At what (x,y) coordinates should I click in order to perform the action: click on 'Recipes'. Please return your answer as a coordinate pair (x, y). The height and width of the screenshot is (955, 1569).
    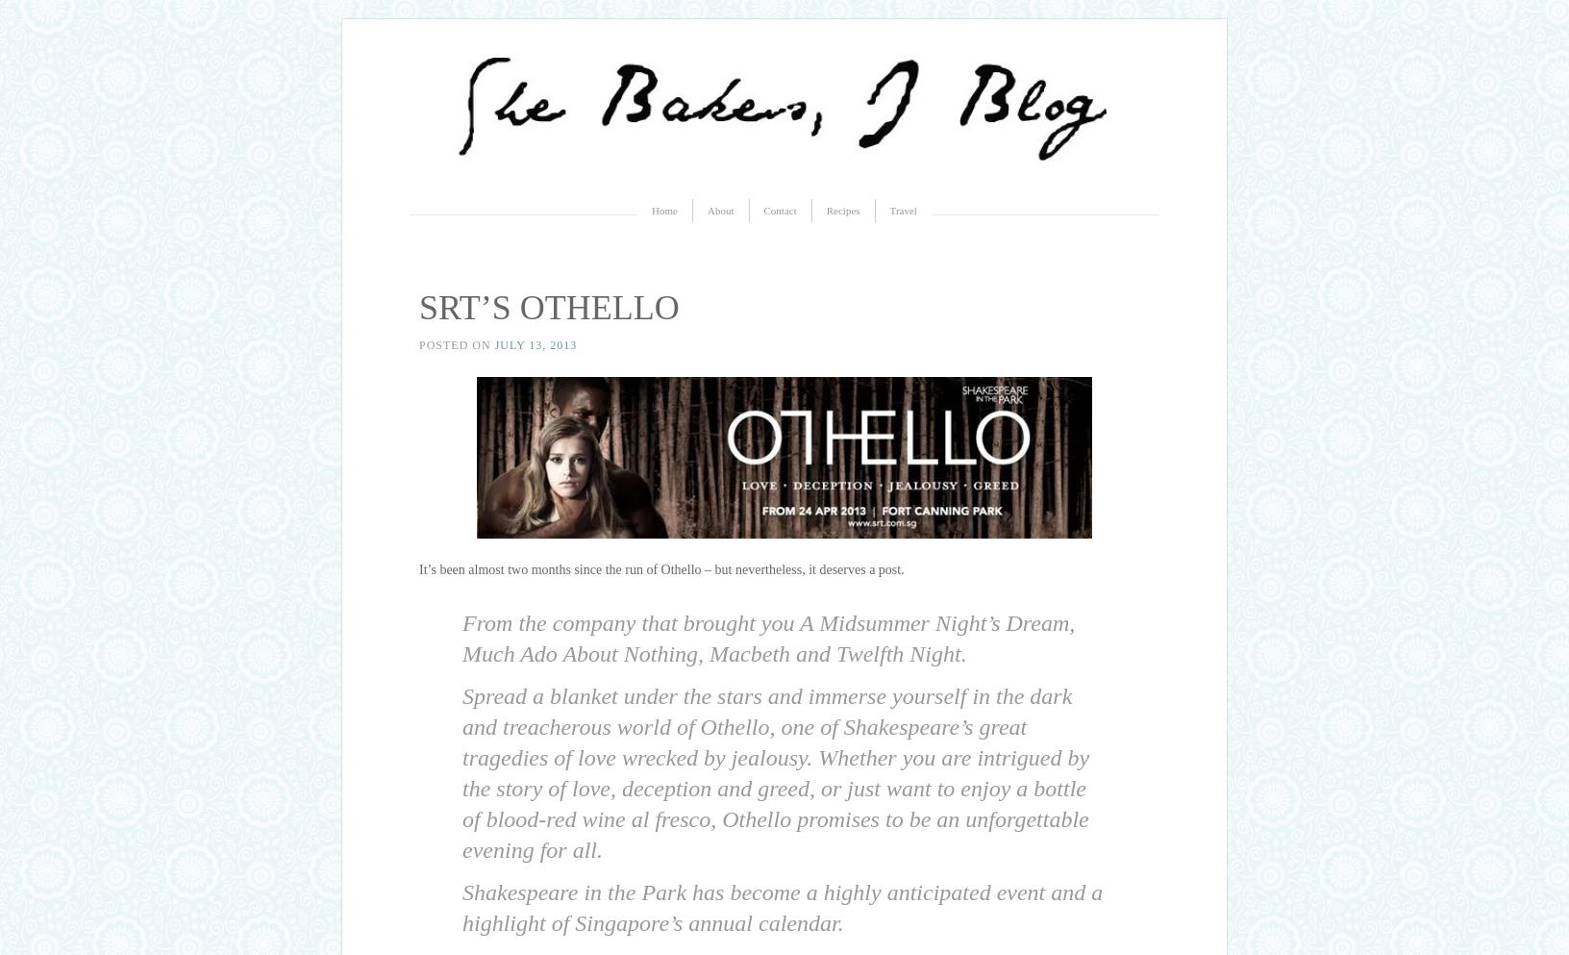
    Looking at the image, I should click on (841, 210).